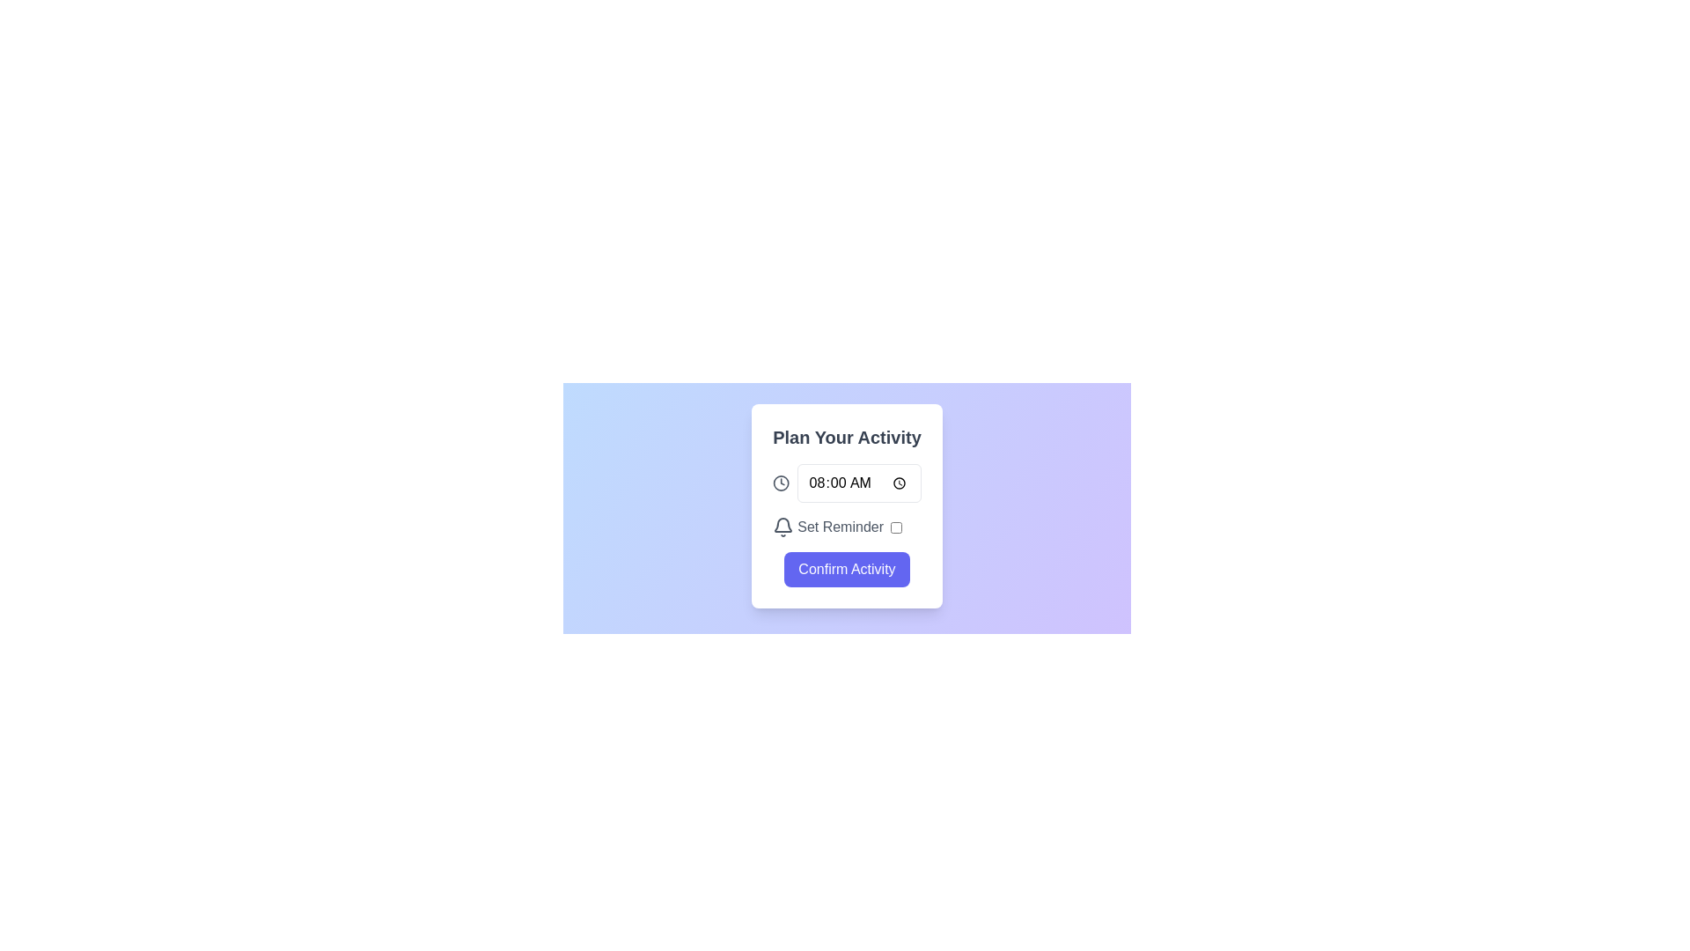 The height and width of the screenshot is (951, 1690). I want to click on the reminder toggle label with an icon, located below the time selection field and above the 'Confirm Activity' button, so click(827, 526).